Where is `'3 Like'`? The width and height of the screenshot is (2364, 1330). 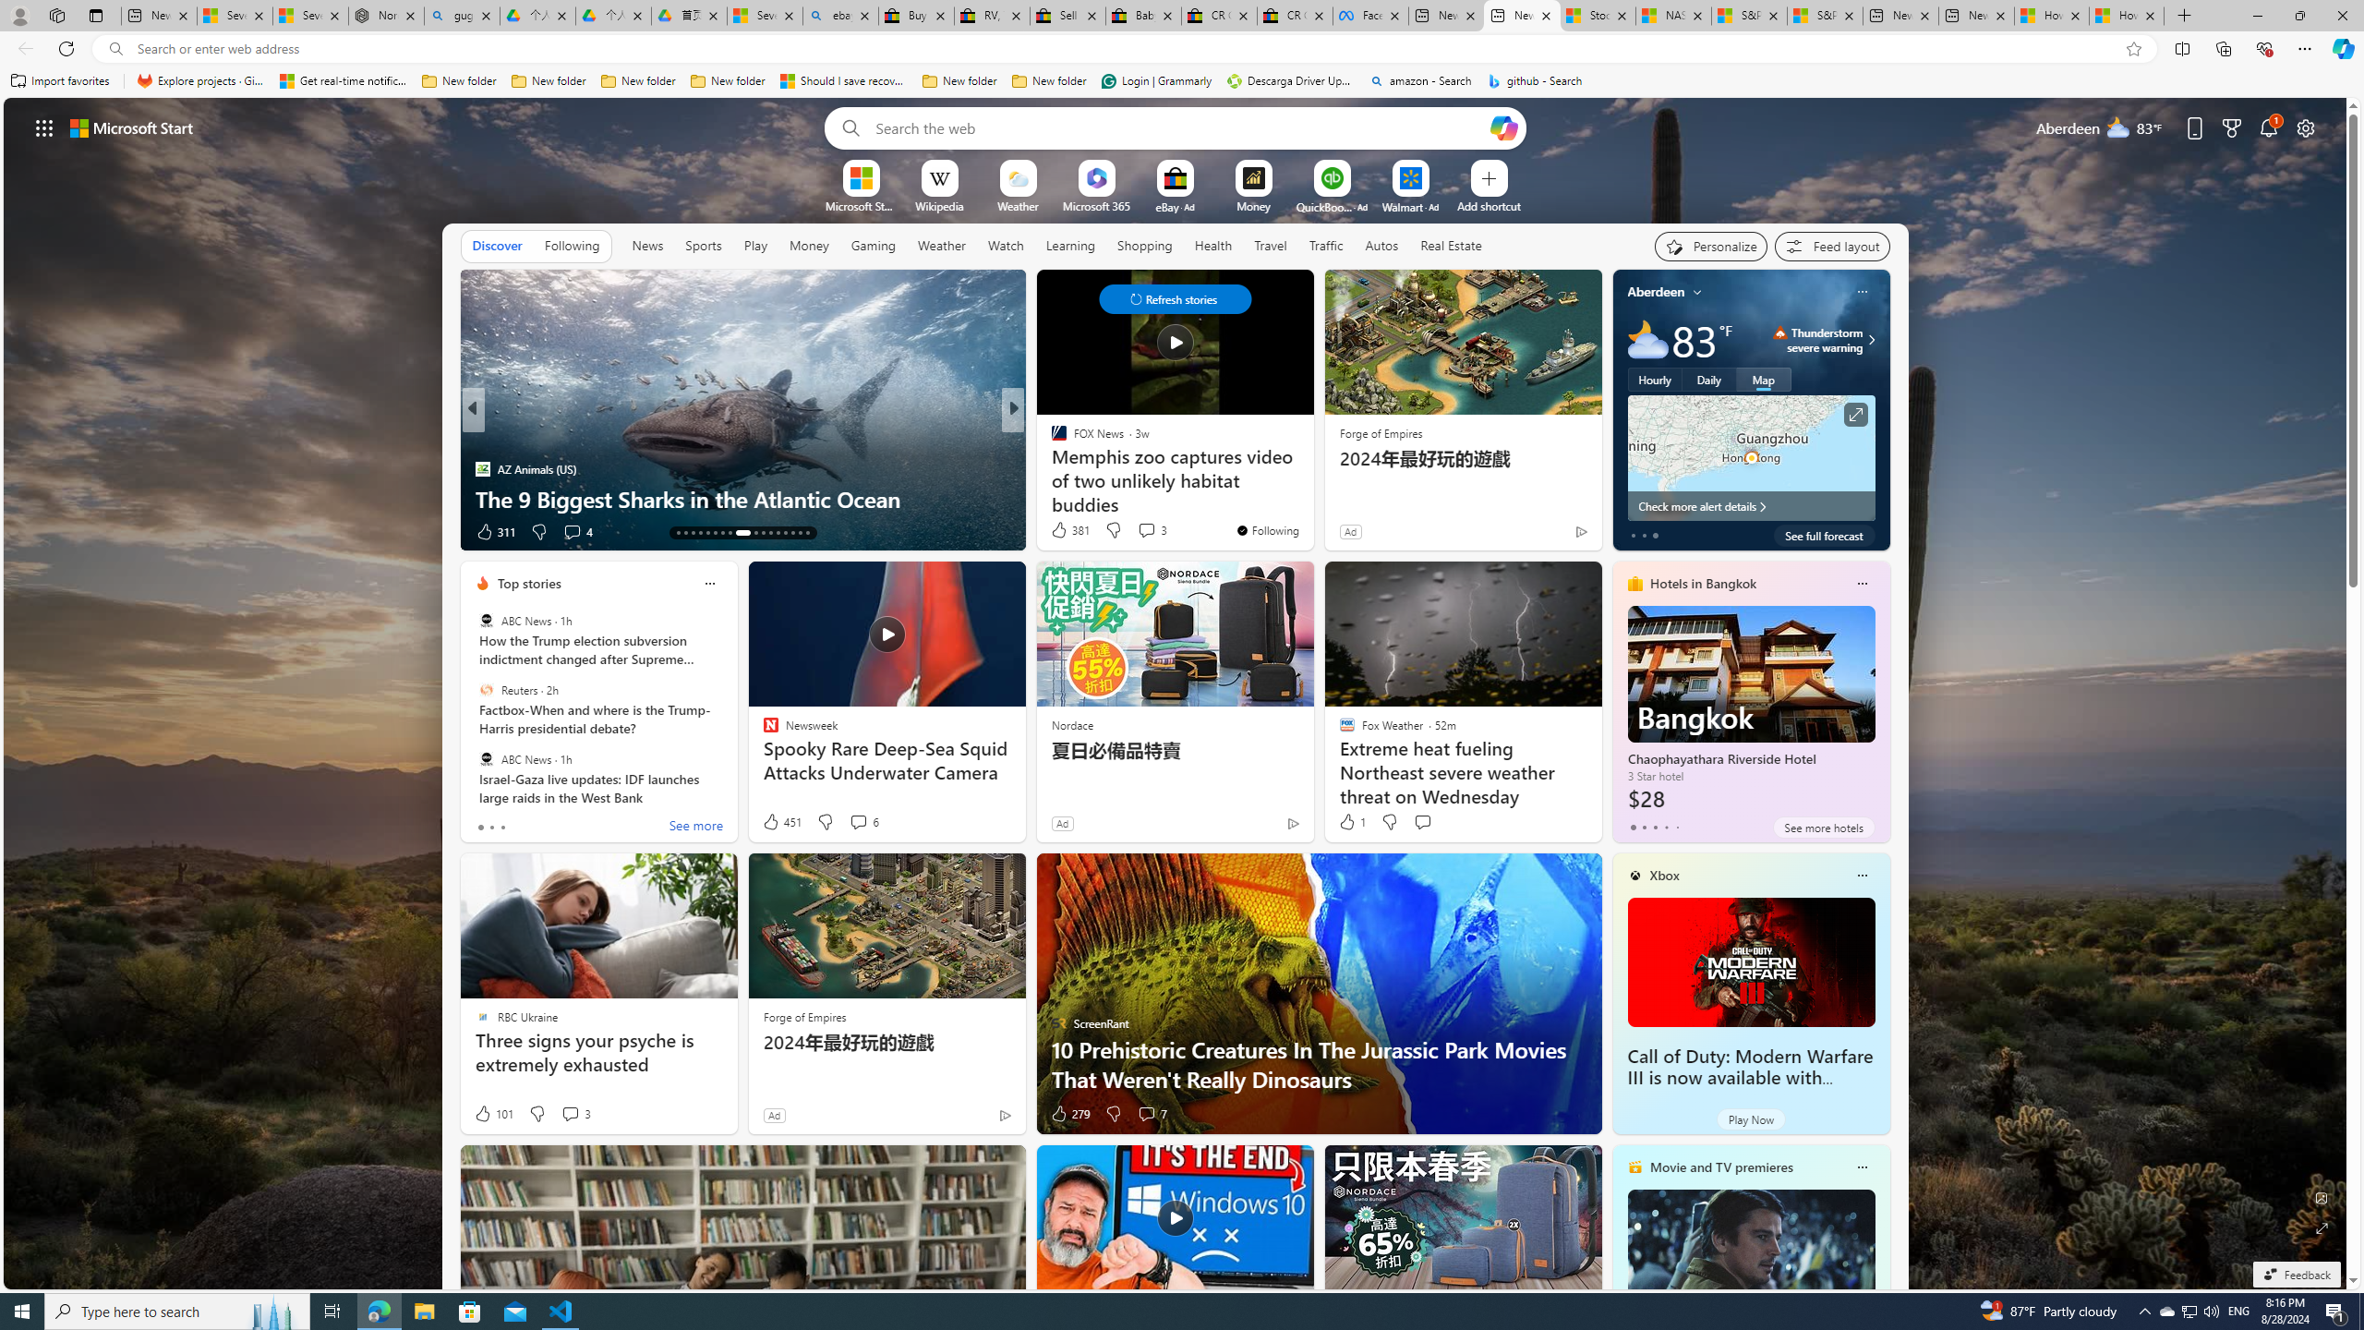 '3 Like' is located at coordinates (1057, 531).